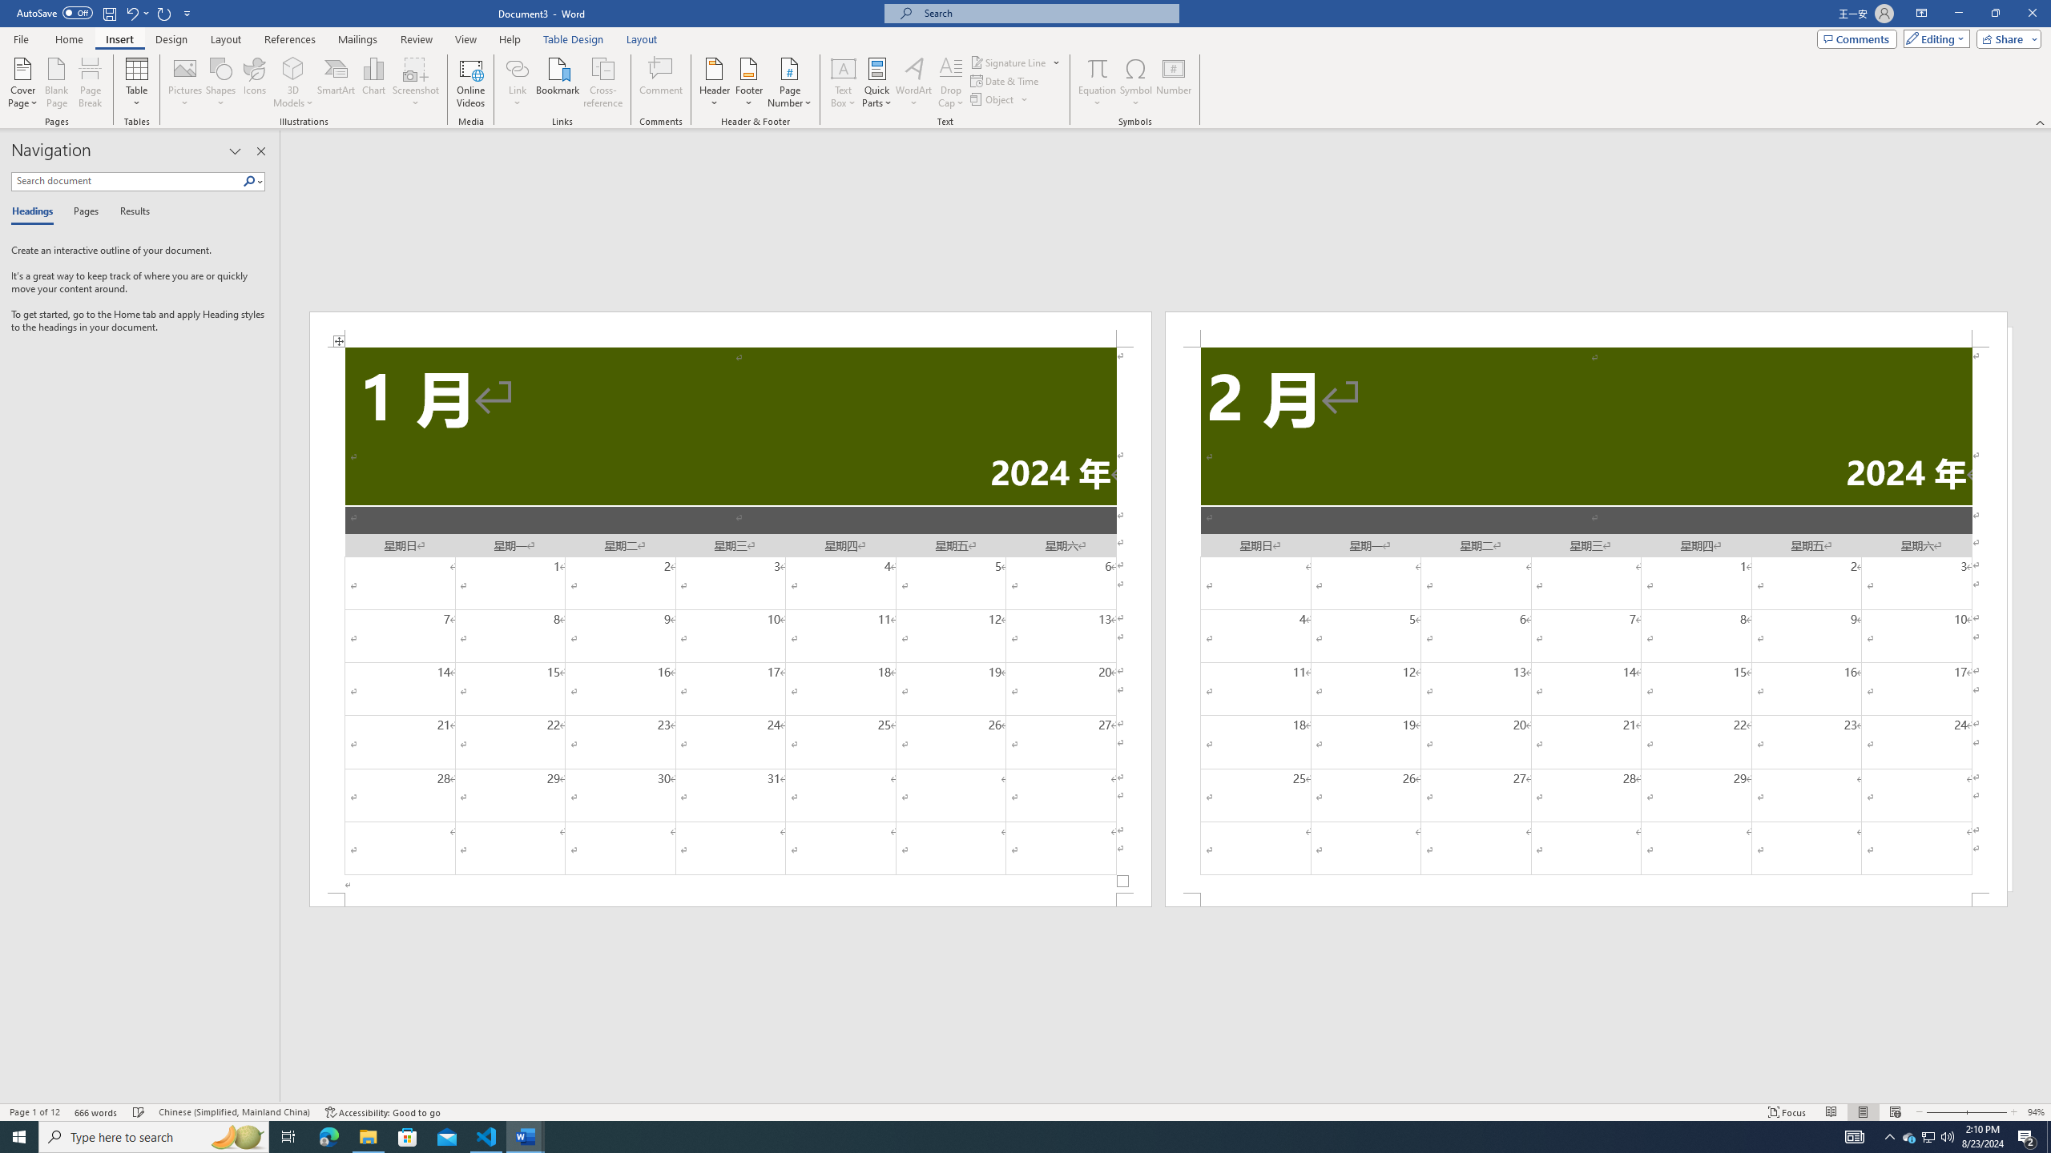 This screenshot has height=1153, width=2051. What do you see at coordinates (1586, 619) in the screenshot?
I see `'Page 2 content'` at bounding box center [1586, 619].